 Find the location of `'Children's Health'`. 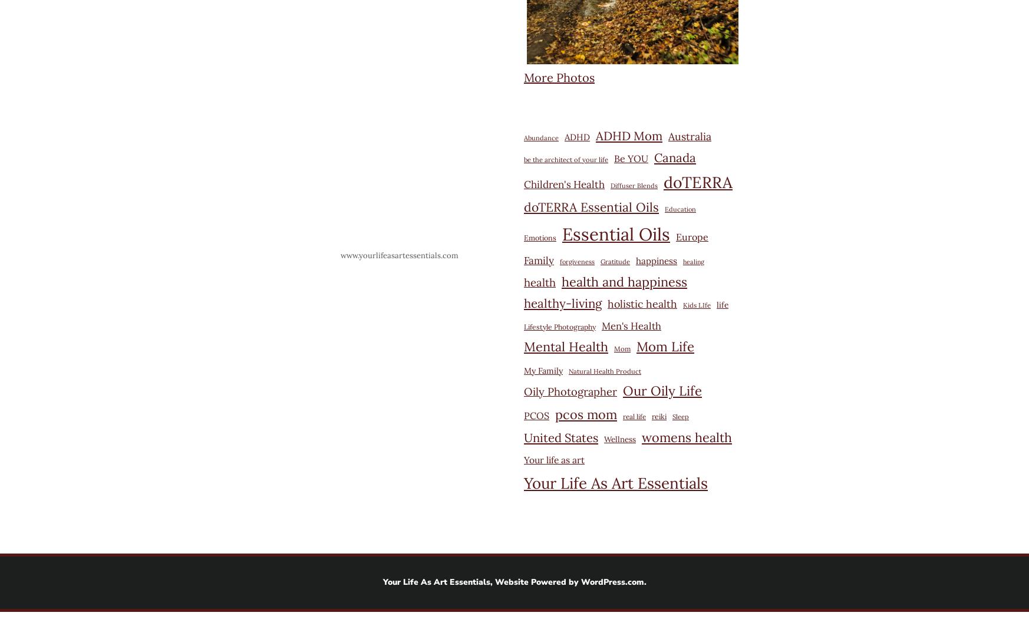

'Children's Health' is located at coordinates (523, 184).